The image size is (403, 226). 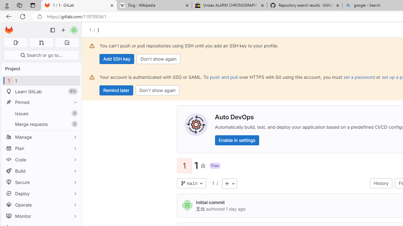 I want to click on 'Secure', so click(x=41, y=182).